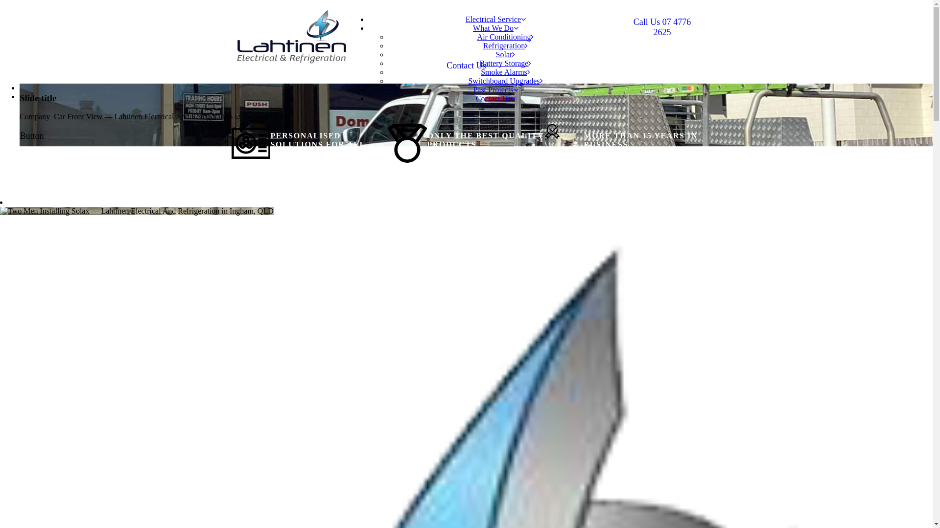  What do you see at coordinates (505, 36) in the screenshot?
I see `'Air Conditioning'` at bounding box center [505, 36].